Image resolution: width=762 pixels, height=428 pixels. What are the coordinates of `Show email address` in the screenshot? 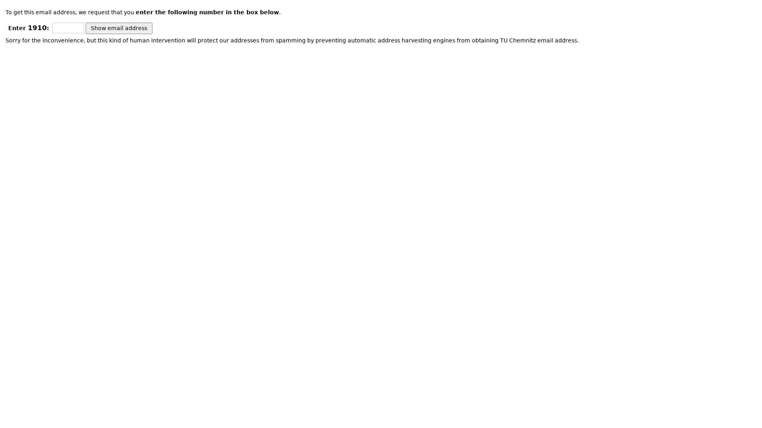 It's located at (118, 27).